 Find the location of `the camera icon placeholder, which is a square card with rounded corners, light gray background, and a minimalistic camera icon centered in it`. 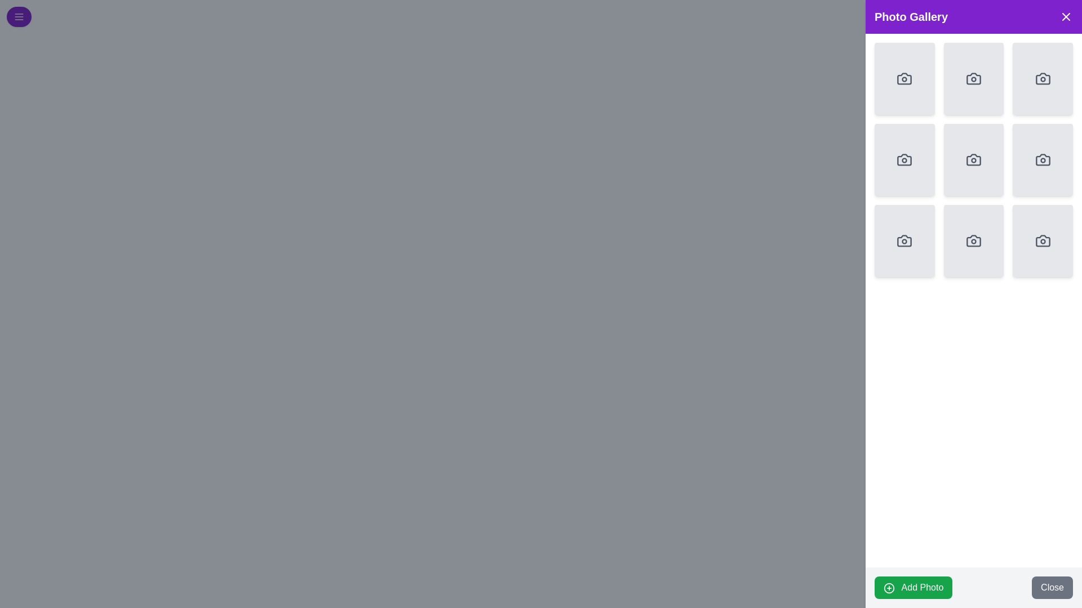

the camera icon placeholder, which is a square card with rounded corners, light gray background, and a minimalistic camera icon centered in it is located at coordinates (904, 78).